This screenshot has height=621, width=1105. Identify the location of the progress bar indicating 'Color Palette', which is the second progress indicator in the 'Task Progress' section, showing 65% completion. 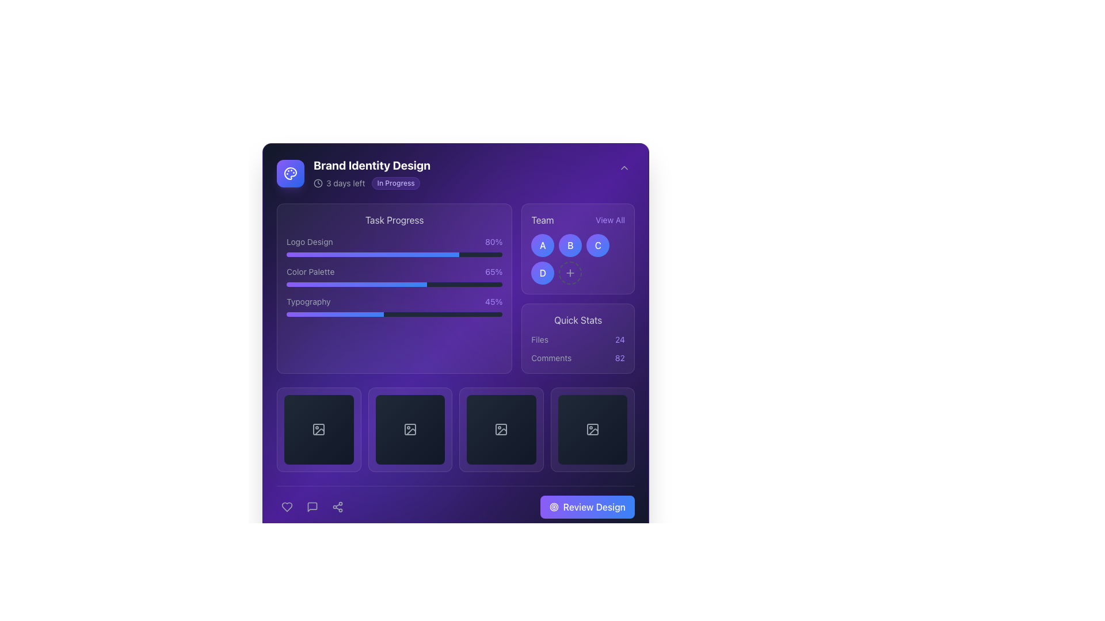
(394, 284).